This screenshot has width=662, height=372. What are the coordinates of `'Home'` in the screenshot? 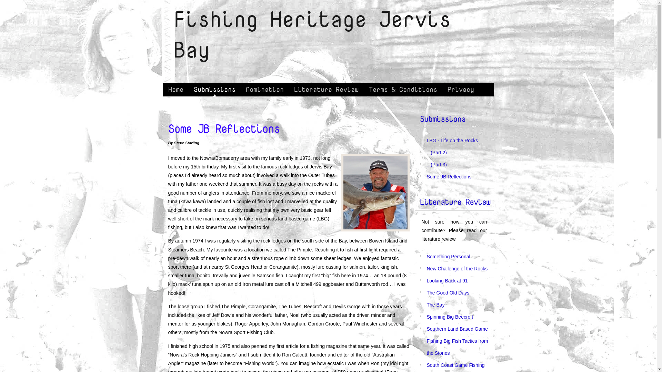 It's located at (175, 89).